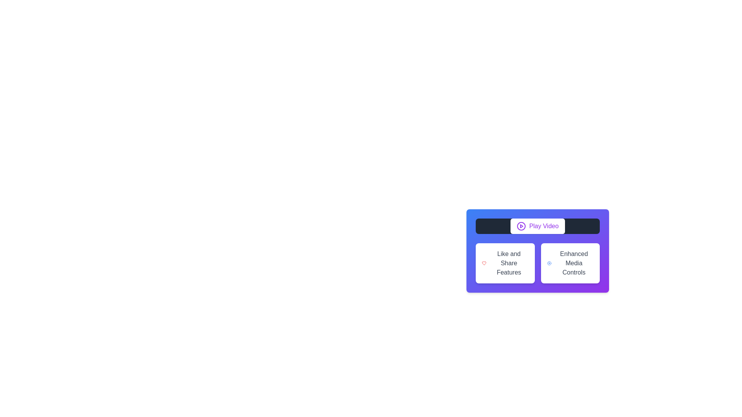  I want to click on the heart icon representing the 'like' functionality to express appreciation for the associated content, so click(483, 263).